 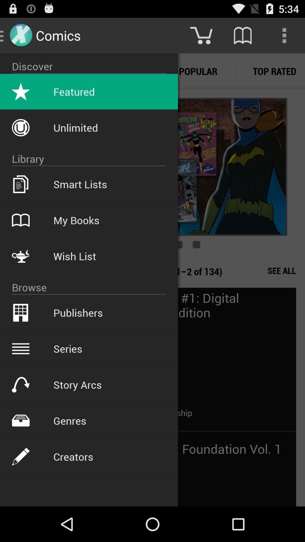 I want to click on cart icon, so click(x=201, y=35).